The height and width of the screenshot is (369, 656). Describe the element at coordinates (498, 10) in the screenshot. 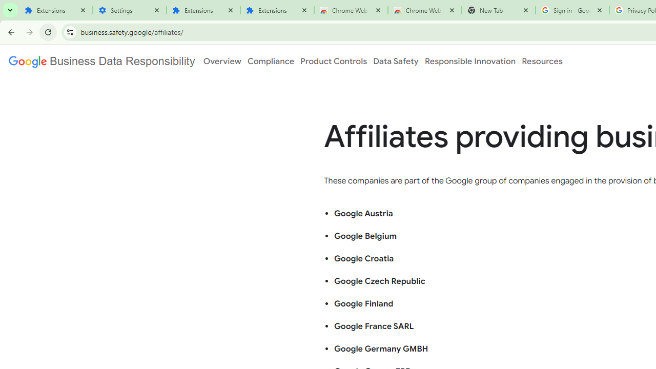

I see `'New Tab'` at that location.